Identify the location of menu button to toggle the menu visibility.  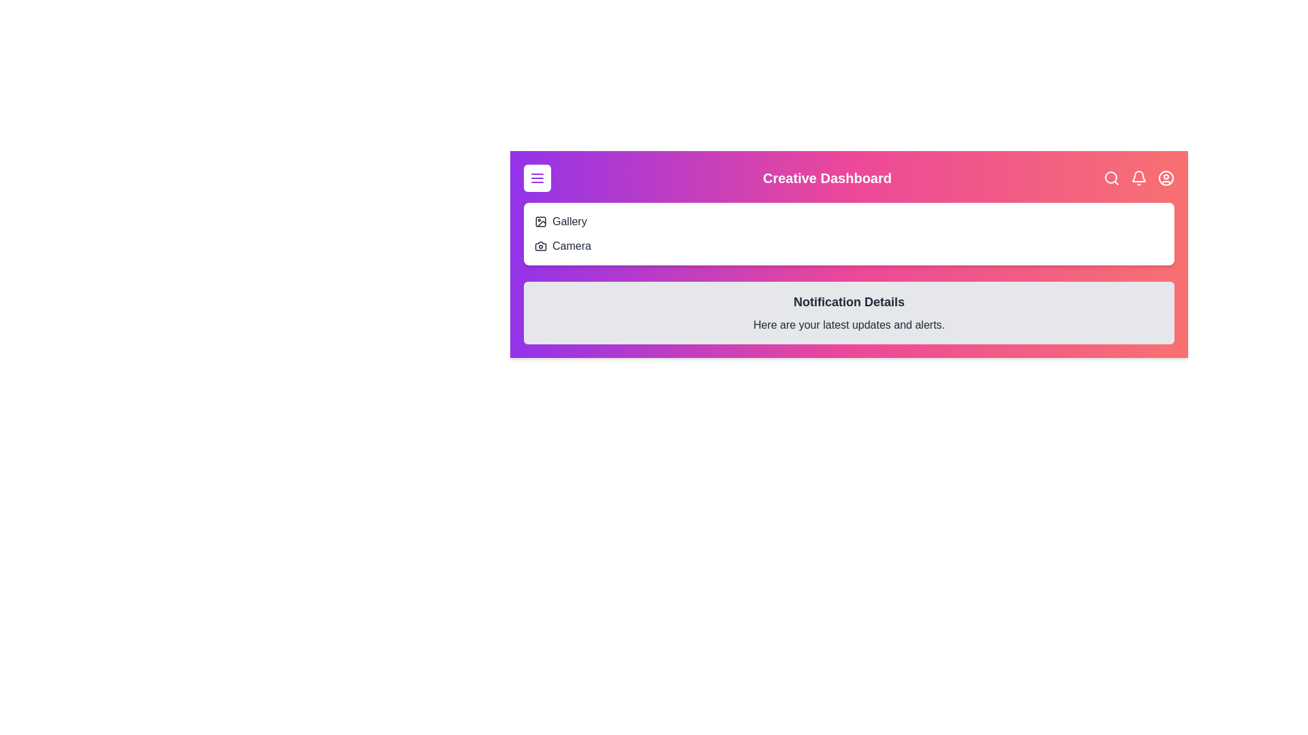
(536, 178).